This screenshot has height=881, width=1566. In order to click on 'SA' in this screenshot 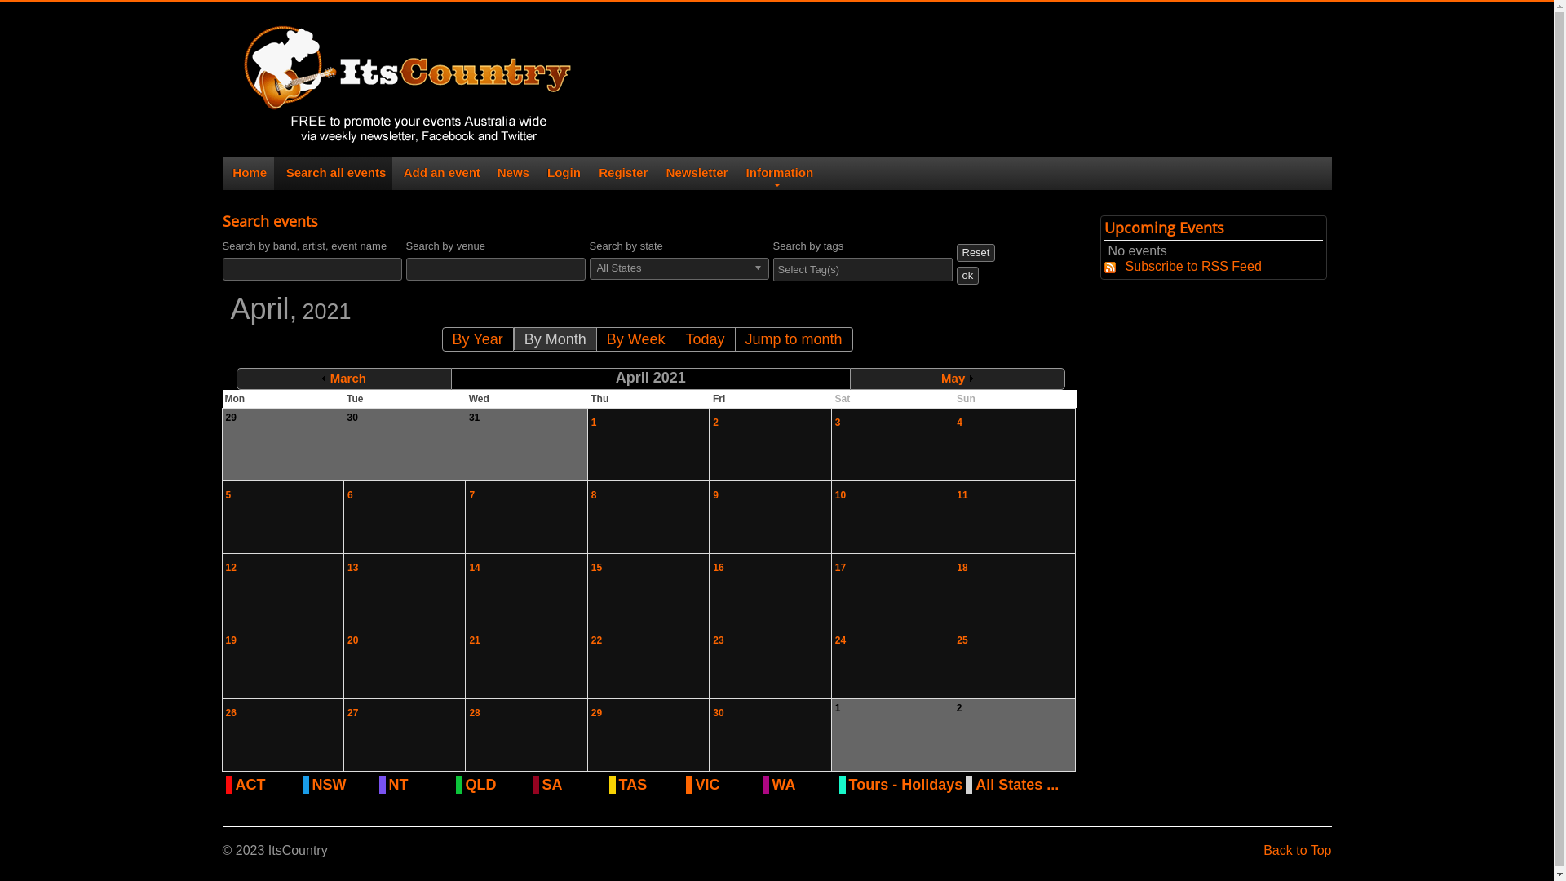, I will do `click(573, 783)`.